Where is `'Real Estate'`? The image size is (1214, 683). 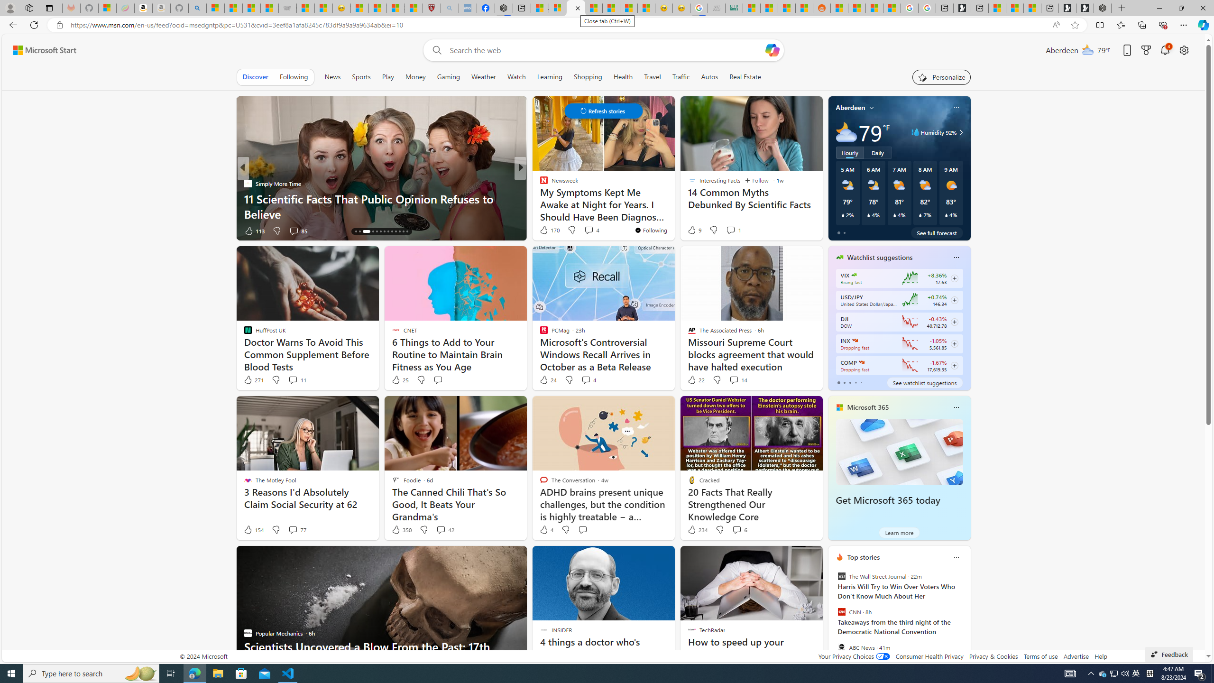 'Real Estate' is located at coordinates (745, 76).